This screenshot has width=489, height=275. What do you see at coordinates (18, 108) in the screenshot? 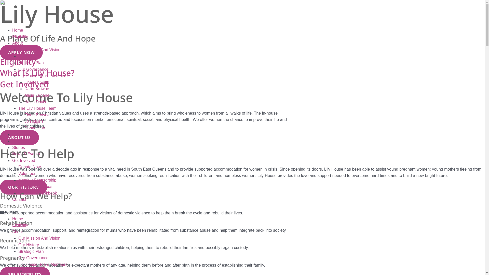
I see `'The Lily House Team'` at bounding box center [18, 108].